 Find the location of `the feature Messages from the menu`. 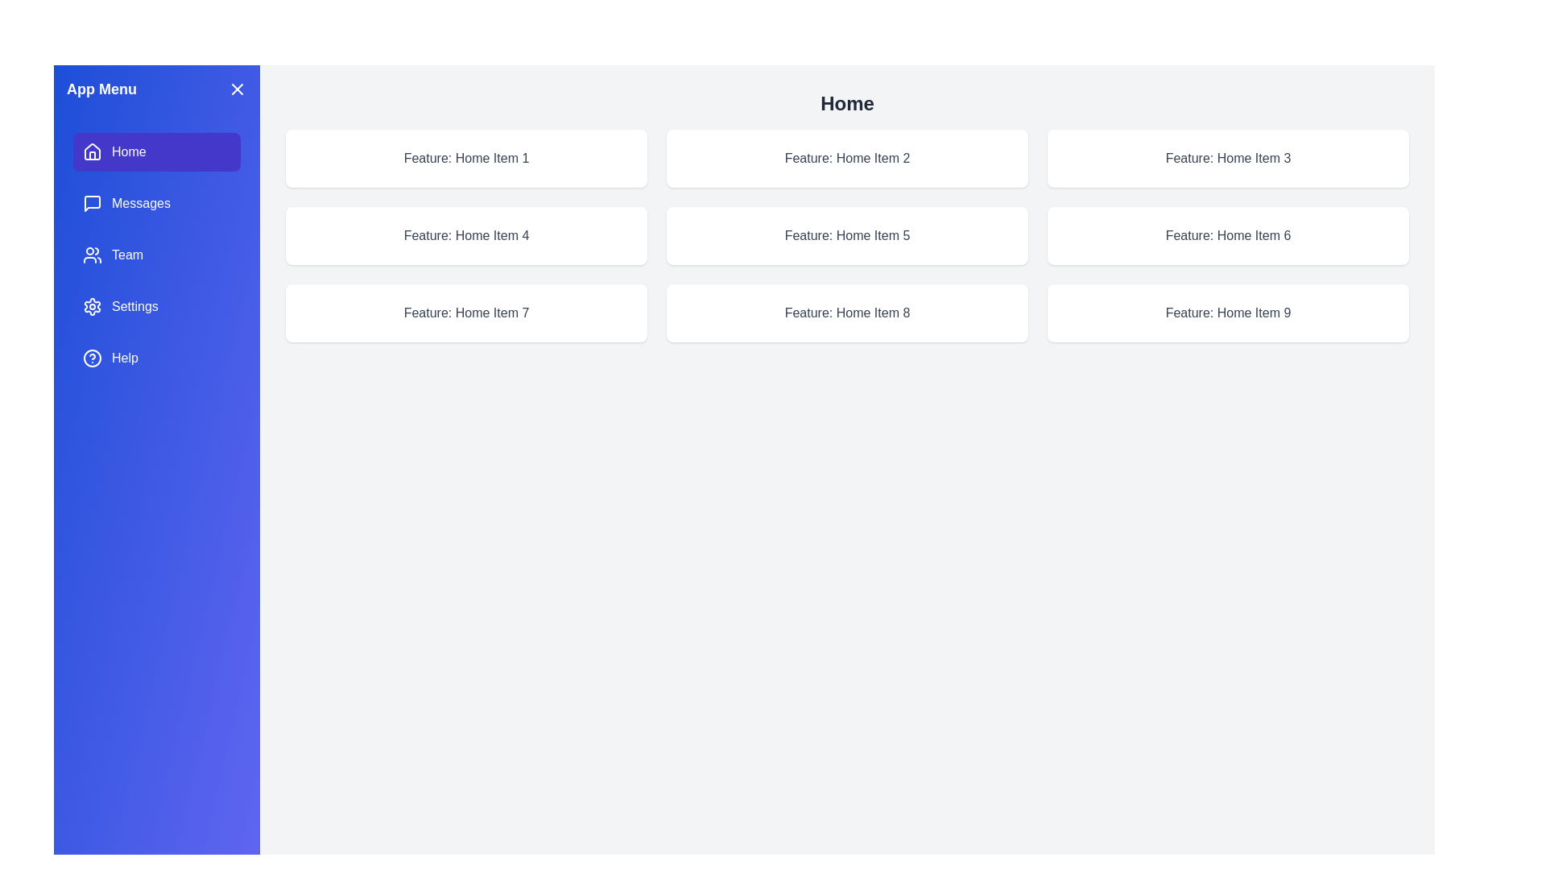

the feature Messages from the menu is located at coordinates (157, 203).